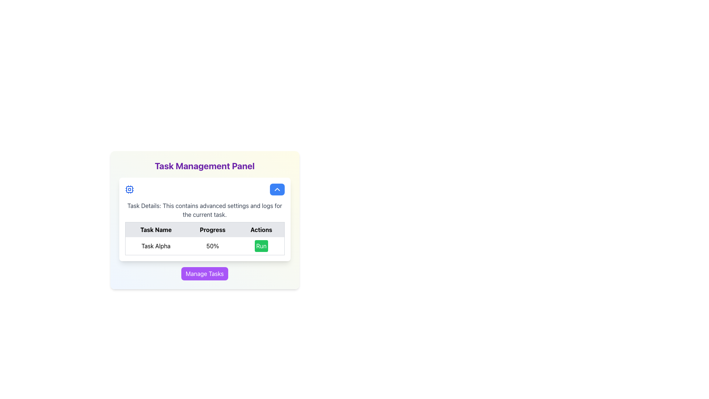 The width and height of the screenshot is (709, 399). I want to click on the button located on the far-right of the table row under the 'Actions' column to initiate 'Task Alpha', so click(261, 246).